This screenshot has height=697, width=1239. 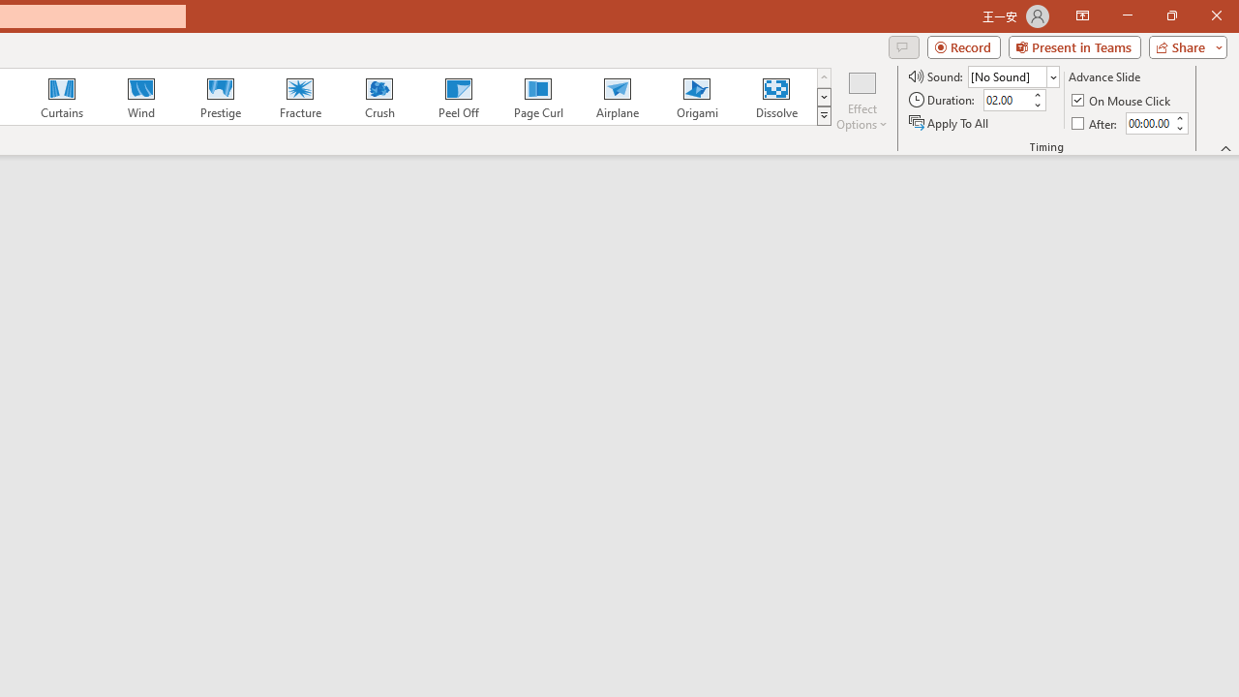 I want to click on 'Fracture', so click(x=298, y=97).